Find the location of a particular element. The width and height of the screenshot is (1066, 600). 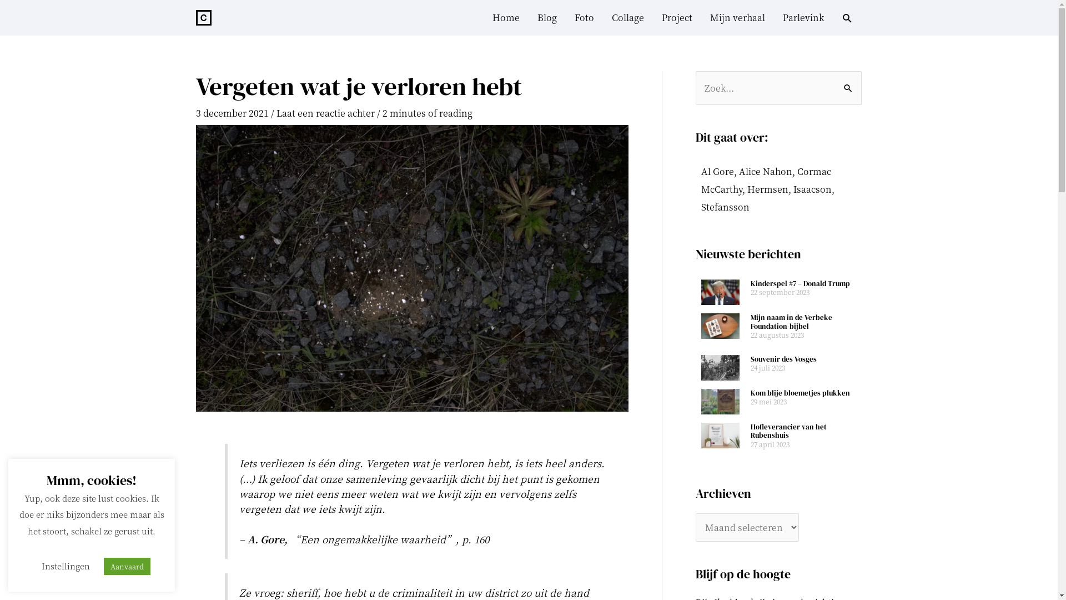

'Instellingen' is located at coordinates (64, 566).